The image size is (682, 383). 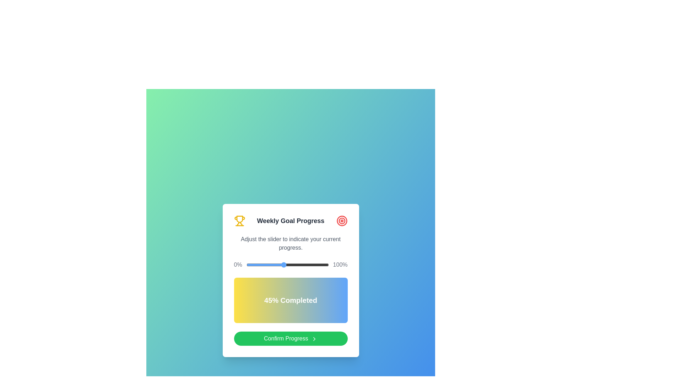 What do you see at coordinates (307, 265) in the screenshot?
I see `the progress value to 73% by dragging the slider` at bounding box center [307, 265].